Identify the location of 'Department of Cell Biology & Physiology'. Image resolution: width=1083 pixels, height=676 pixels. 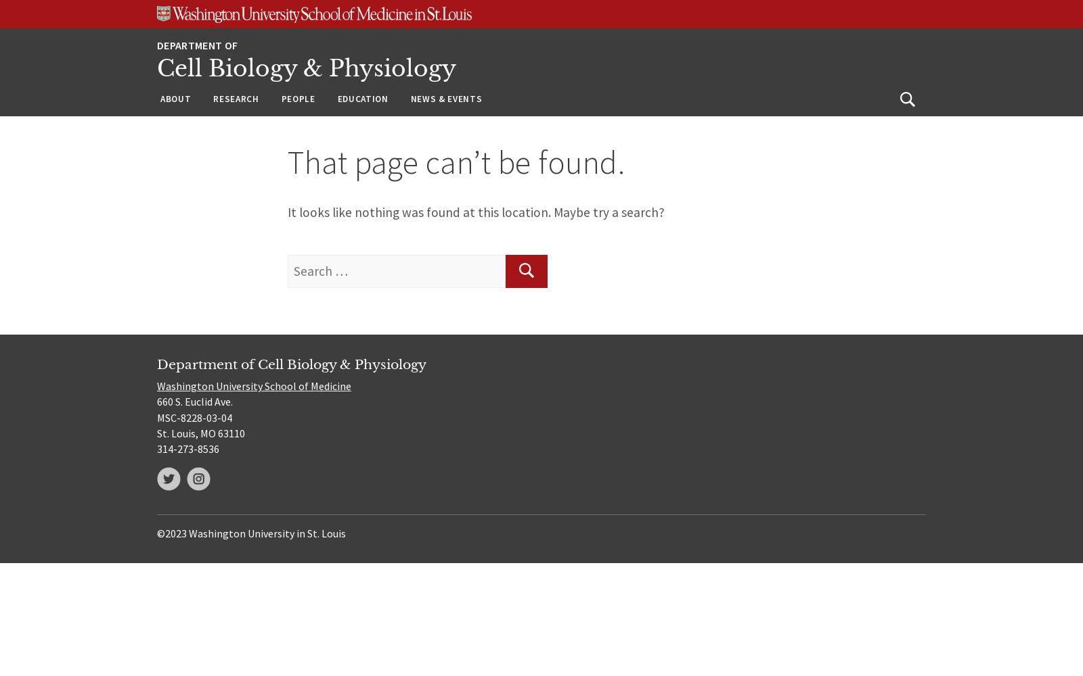
(291, 364).